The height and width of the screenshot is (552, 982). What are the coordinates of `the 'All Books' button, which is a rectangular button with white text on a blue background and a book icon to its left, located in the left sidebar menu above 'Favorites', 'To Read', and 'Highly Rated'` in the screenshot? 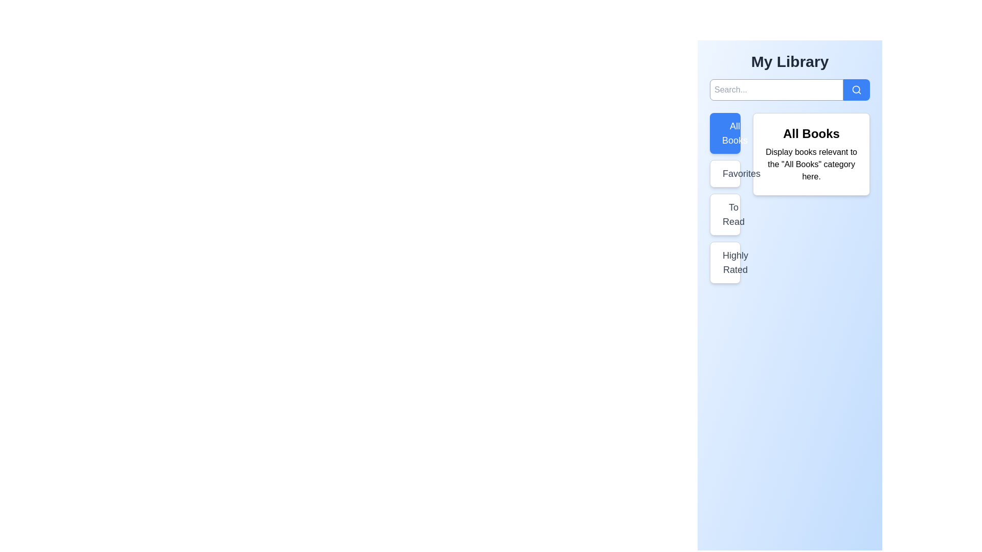 It's located at (725, 133).